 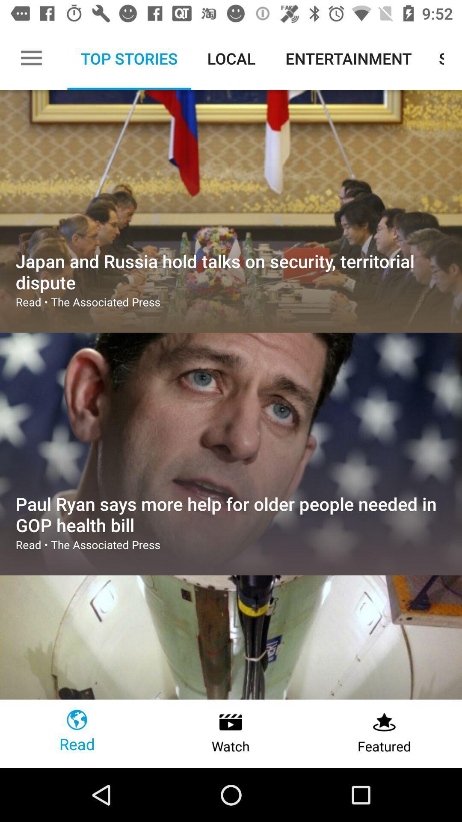 I want to click on the item to the left of top stories item, so click(x=31, y=58).